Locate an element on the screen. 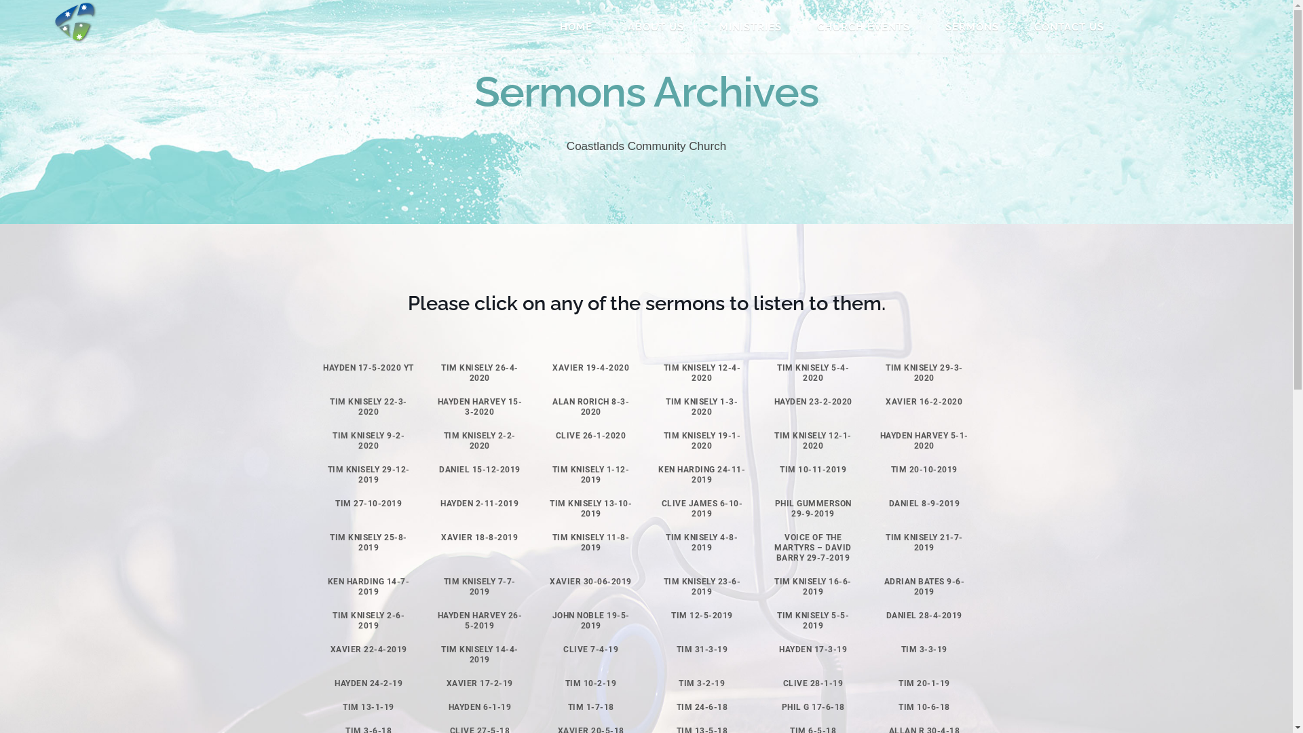 Image resolution: width=1303 pixels, height=733 pixels. 'TIM KNISELY 5-4-2020' is located at coordinates (813, 373).